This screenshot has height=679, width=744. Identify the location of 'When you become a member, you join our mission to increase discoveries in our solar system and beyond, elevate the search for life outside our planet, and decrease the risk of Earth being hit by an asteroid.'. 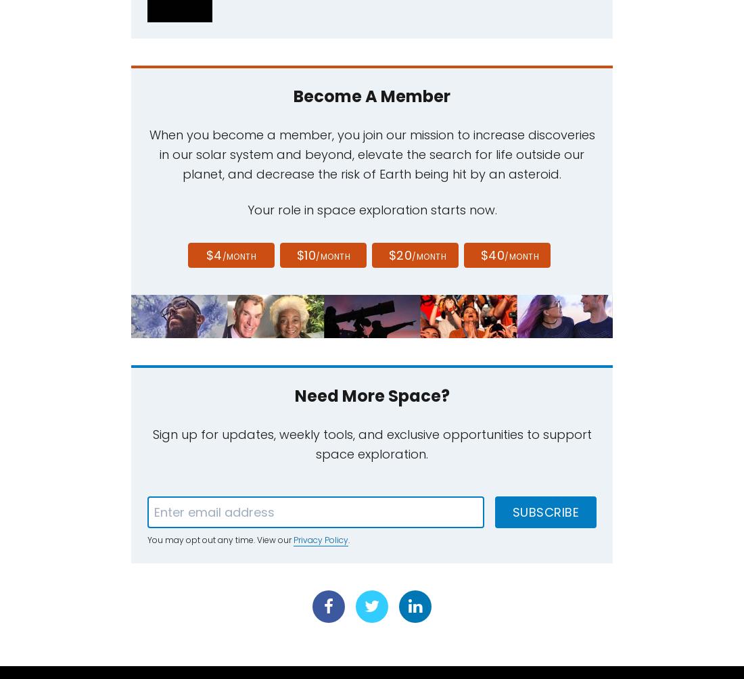
(149, 154).